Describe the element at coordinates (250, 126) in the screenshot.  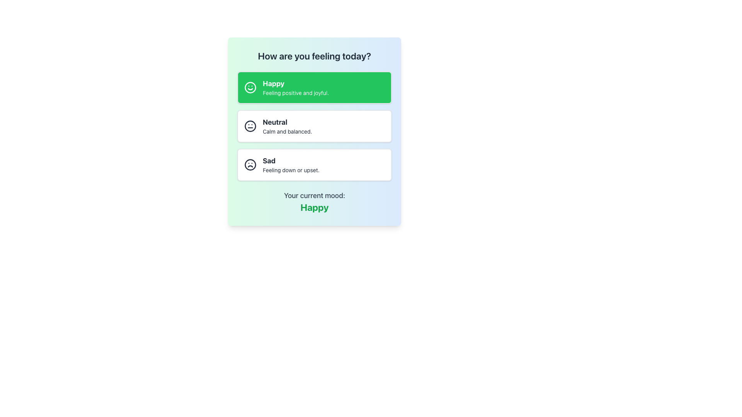
I see `the circular neutral face icon located to the left of the 'Neutral' description in the middle card` at that location.